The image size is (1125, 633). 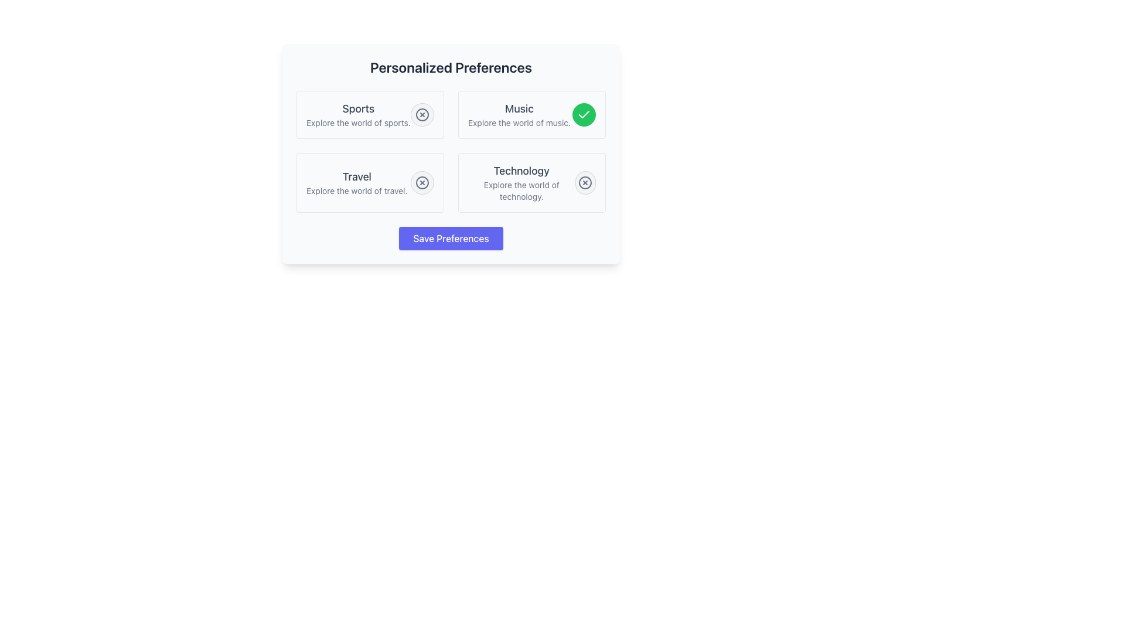 I want to click on the checkmark icon in the top-right corner of the 'Music' preference option to indicate selection, so click(x=584, y=114).